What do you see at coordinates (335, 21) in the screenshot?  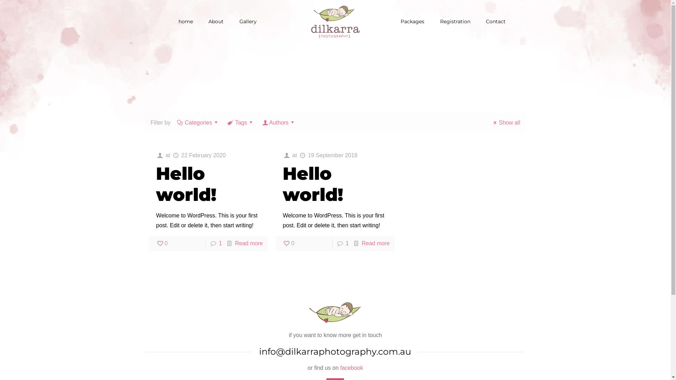 I see `'Dilkarra Photography'` at bounding box center [335, 21].